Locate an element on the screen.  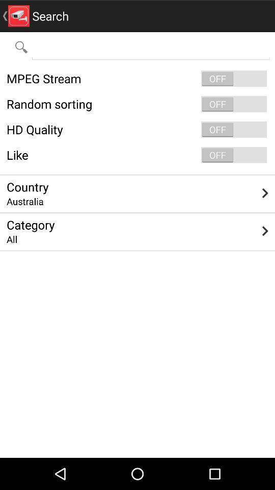
type search is located at coordinates (150, 46).